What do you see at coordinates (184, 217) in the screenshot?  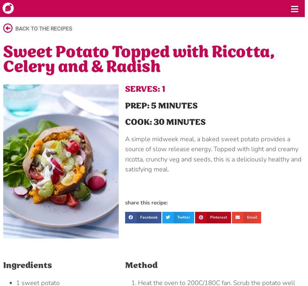 I see `'Twitter'` at bounding box center [184, 217].